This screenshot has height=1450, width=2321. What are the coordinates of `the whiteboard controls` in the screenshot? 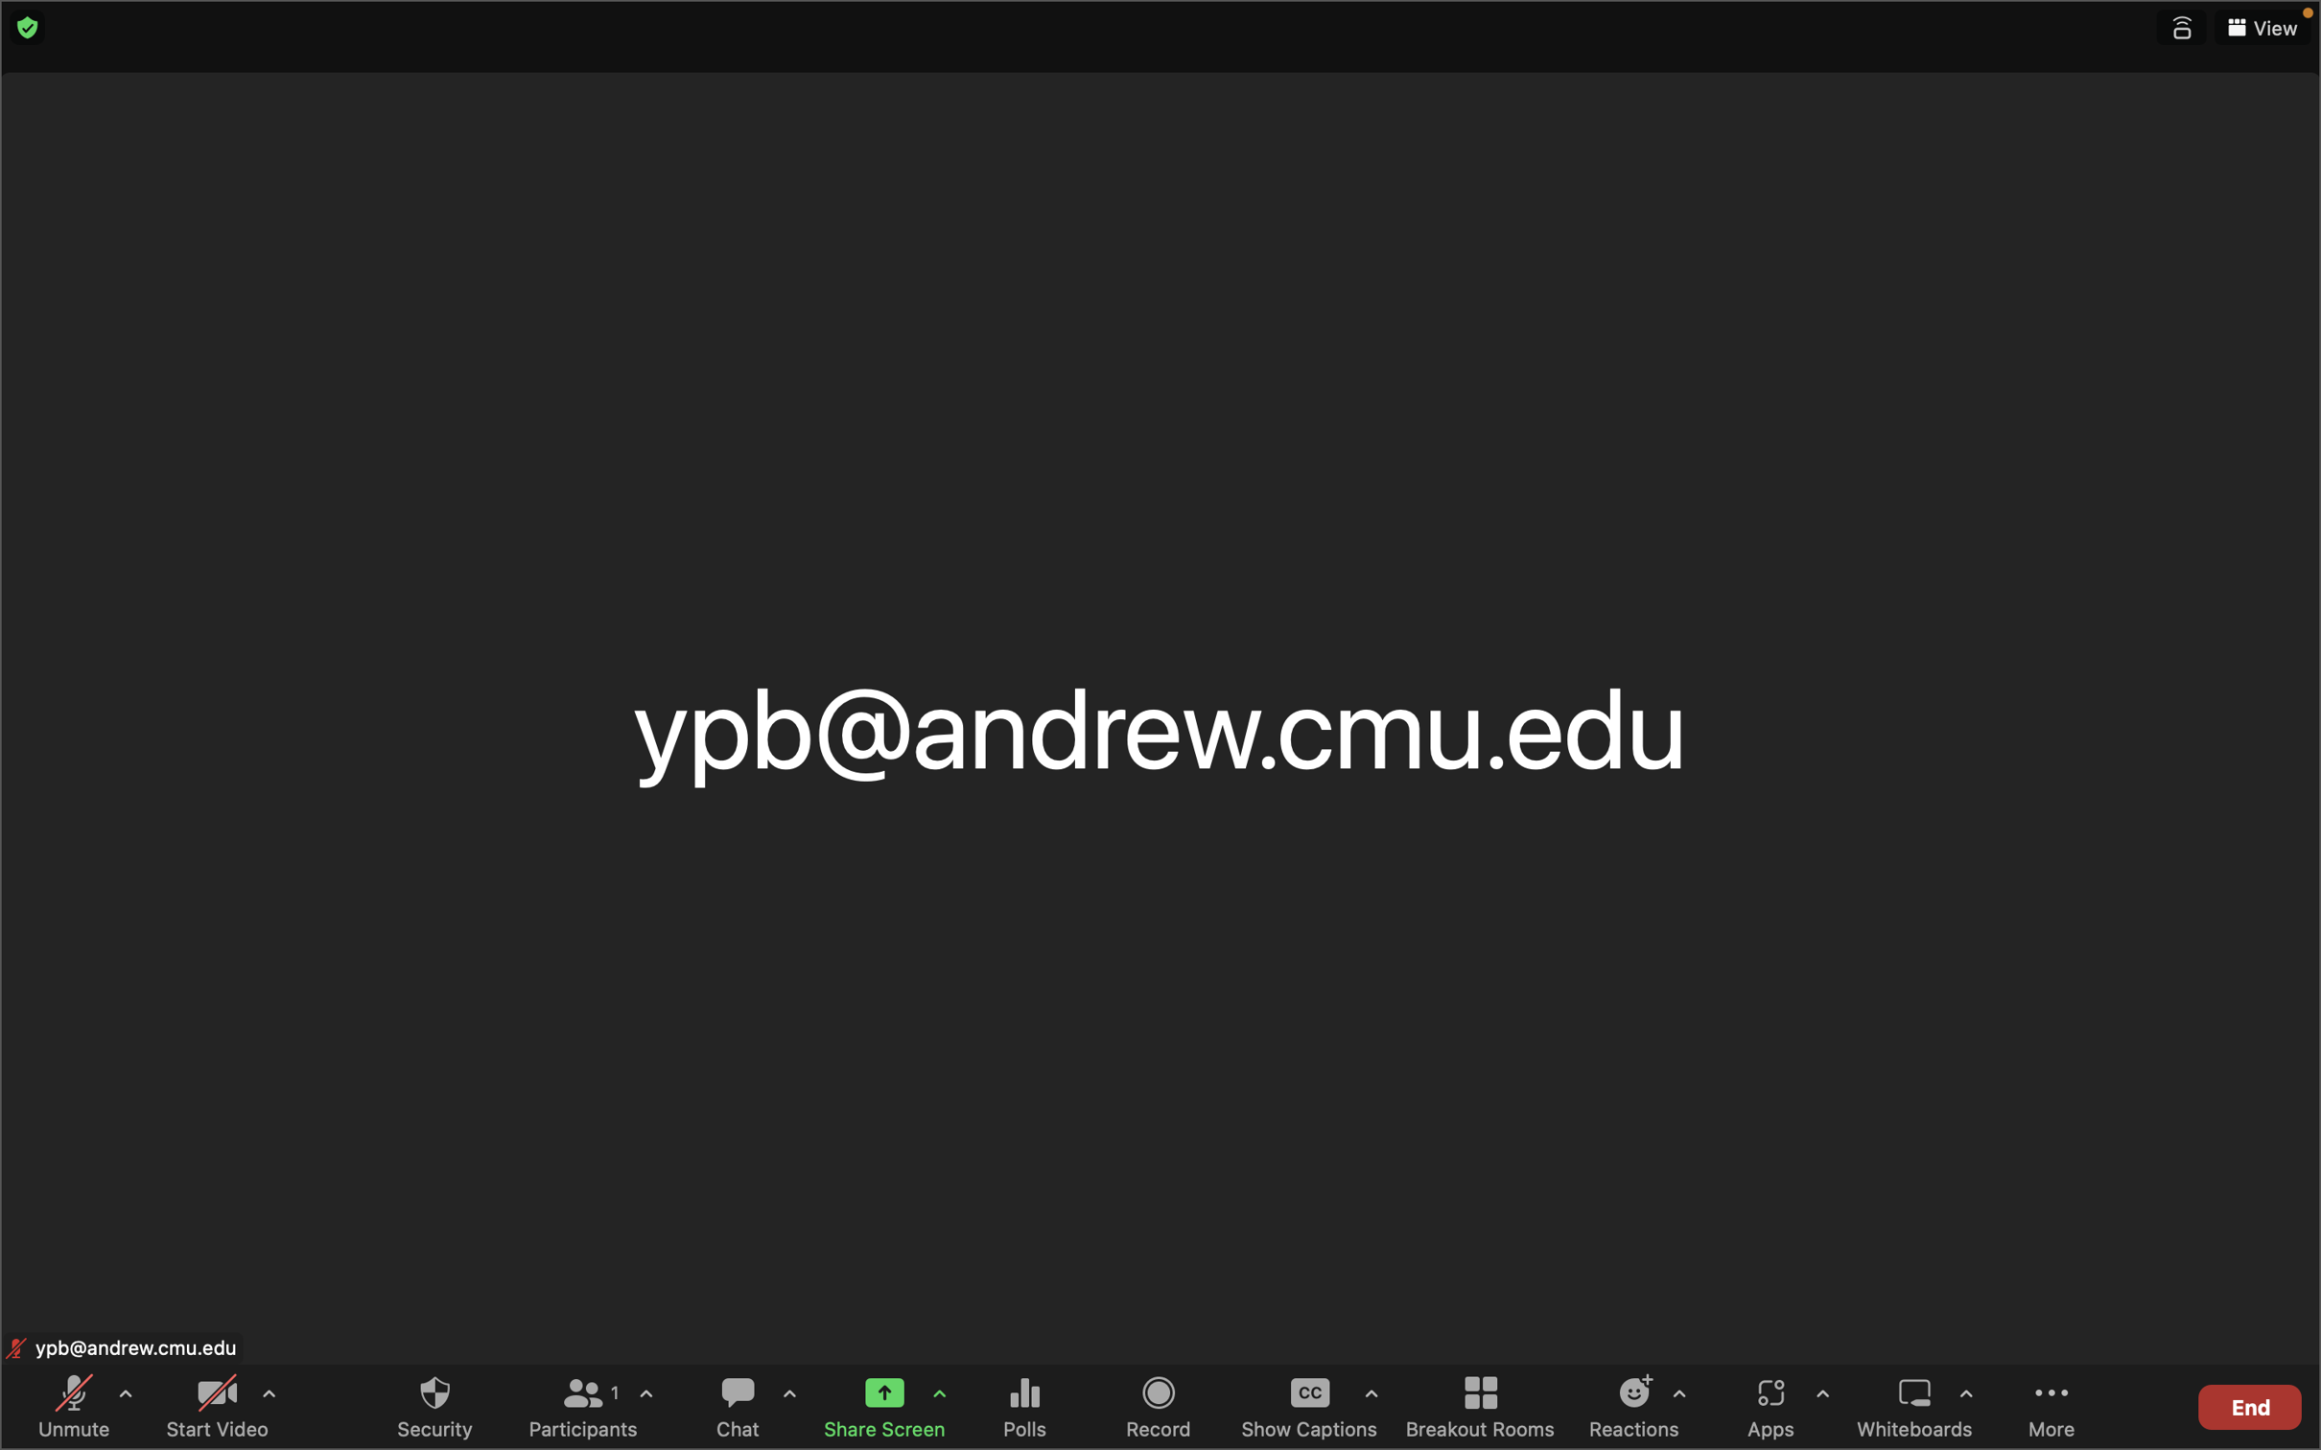 It's located at (1965, 1407).